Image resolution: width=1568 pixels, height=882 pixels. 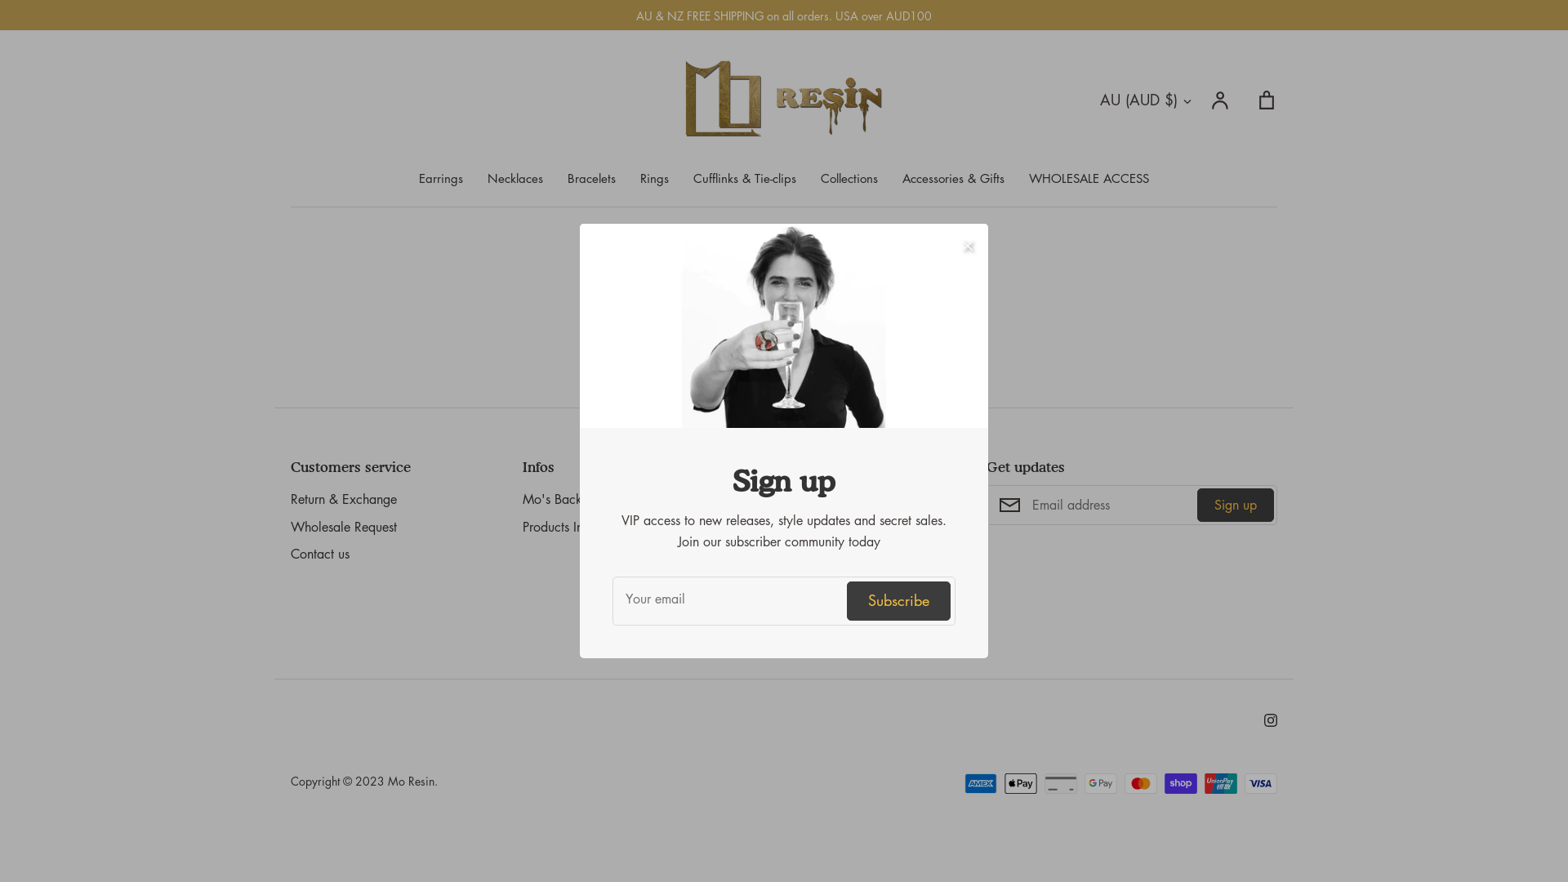 What do you see at coordinates (514, 178) in the screenshot?
I see `'Necklaces'` at bounding box center [514, 178].